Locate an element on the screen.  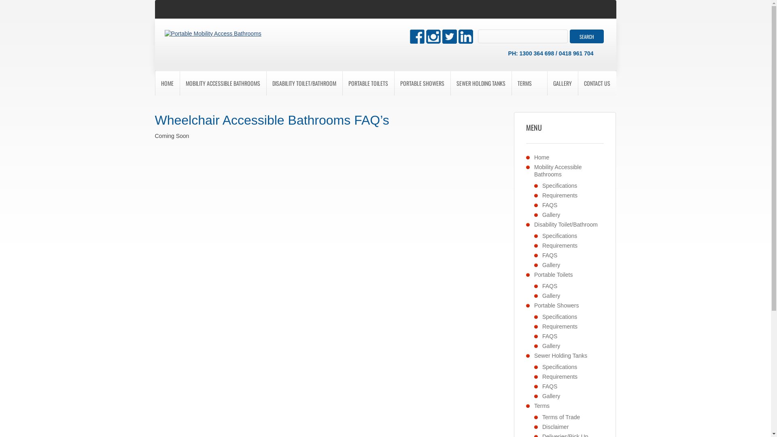
'TERMS' is located at coordinates (524, 83).